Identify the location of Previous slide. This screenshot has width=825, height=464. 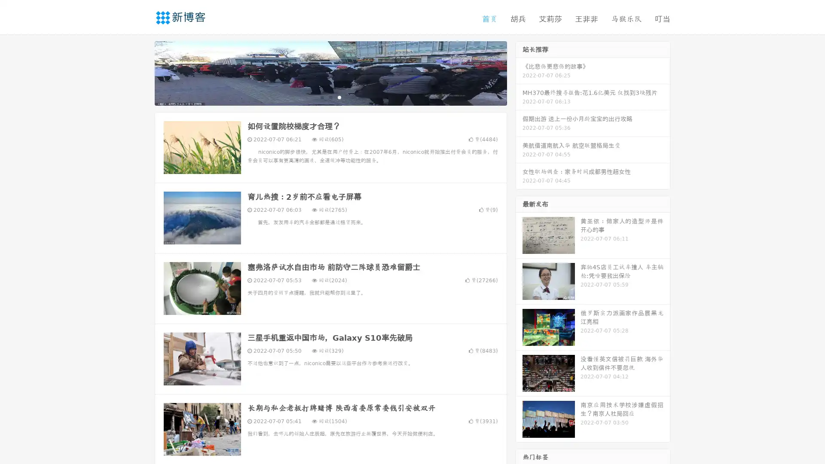
(142, 72).